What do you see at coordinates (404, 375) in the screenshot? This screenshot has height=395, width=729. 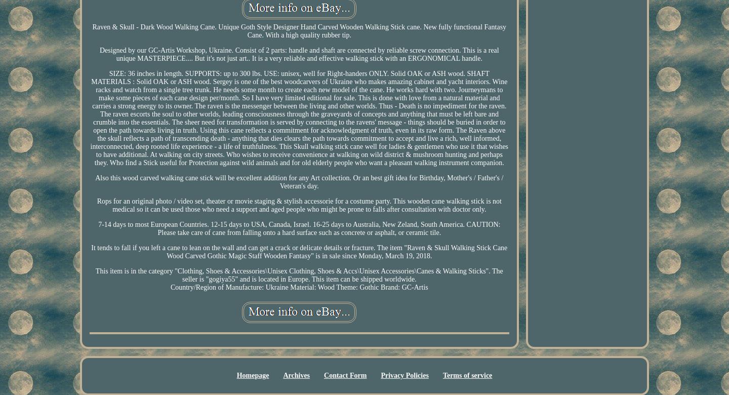 I see `'Privacy Policies'` at bounding box center [404, 375].